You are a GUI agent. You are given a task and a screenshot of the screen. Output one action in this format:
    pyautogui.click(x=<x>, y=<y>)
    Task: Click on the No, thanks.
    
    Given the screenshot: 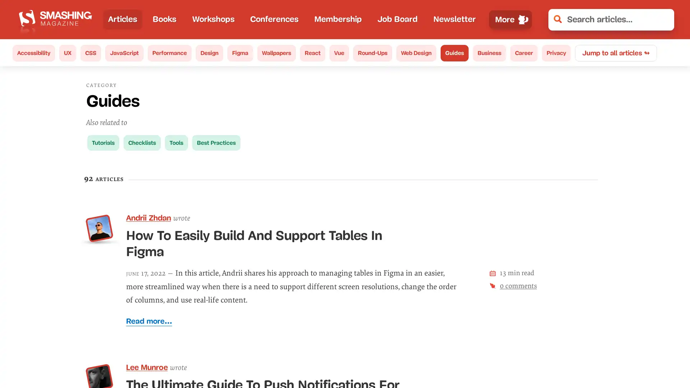 What is the action you would take?
    pyautogui.click(x=566, y=359)
    